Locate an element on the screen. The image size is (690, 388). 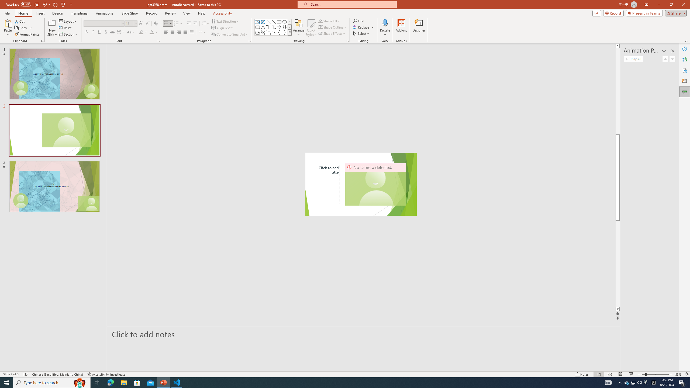
'Dictate' is located at coordinates (385, 23).